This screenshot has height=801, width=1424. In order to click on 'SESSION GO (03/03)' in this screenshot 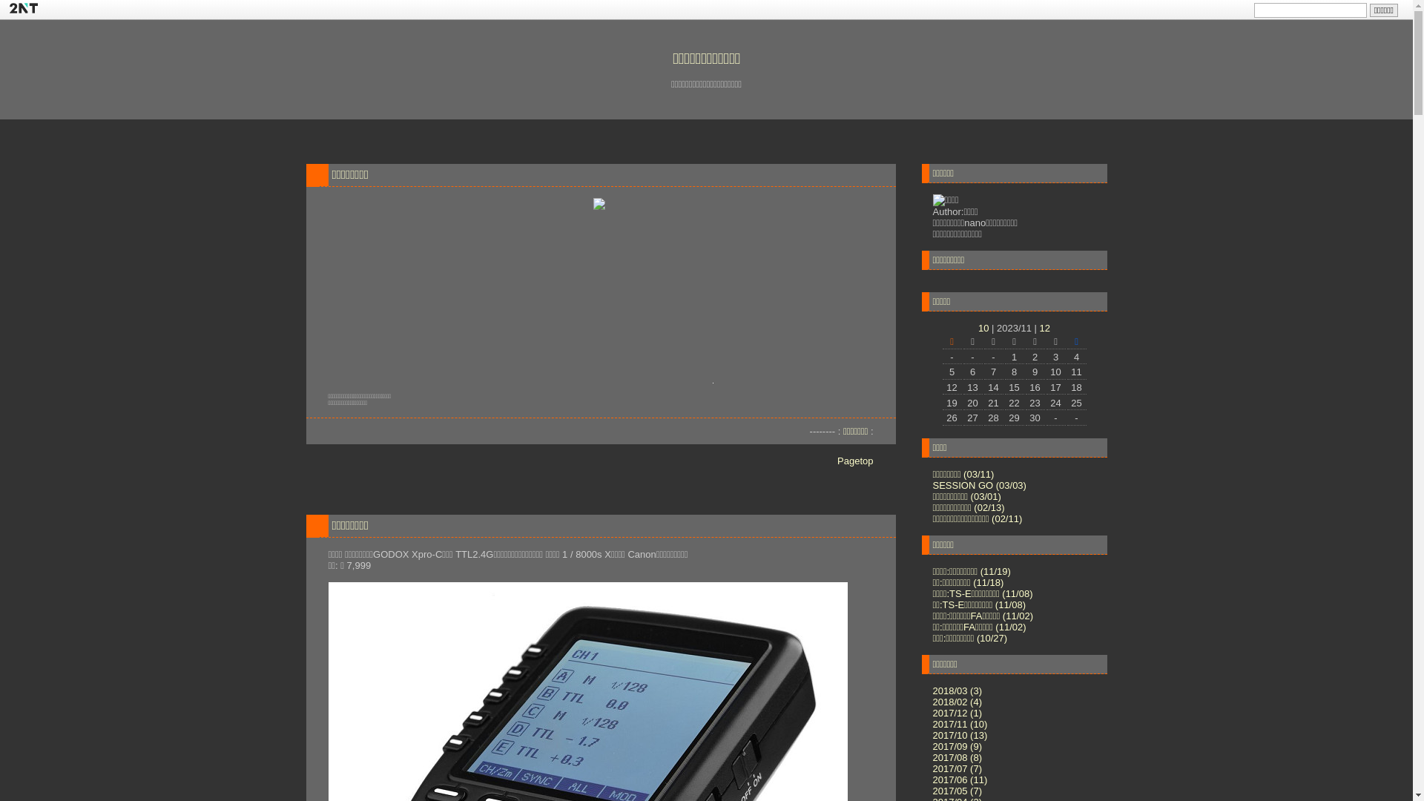, I will do `click(932, 485)`.